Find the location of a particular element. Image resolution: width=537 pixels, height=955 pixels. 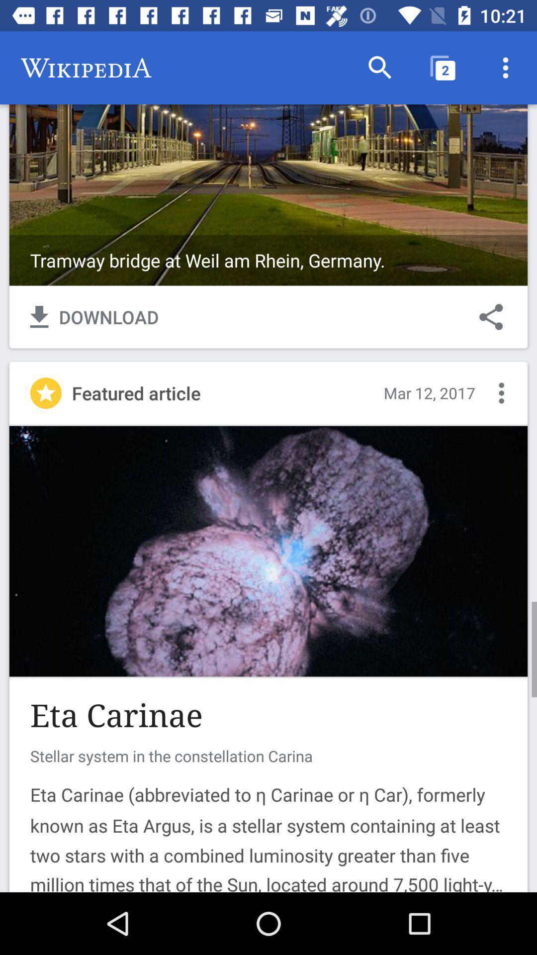

article image is located at coordinates (268, 551).